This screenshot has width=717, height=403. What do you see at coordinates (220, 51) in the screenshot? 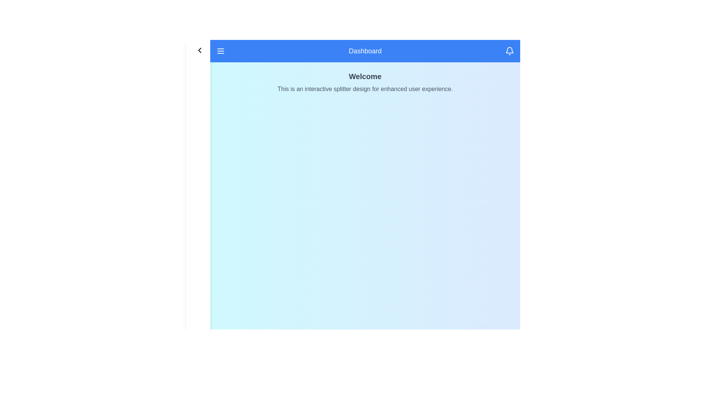
I see `the menu icon represented by three horizontal lines on the blue top bar named 'Dashboard'` at bounding box center [220, 51].